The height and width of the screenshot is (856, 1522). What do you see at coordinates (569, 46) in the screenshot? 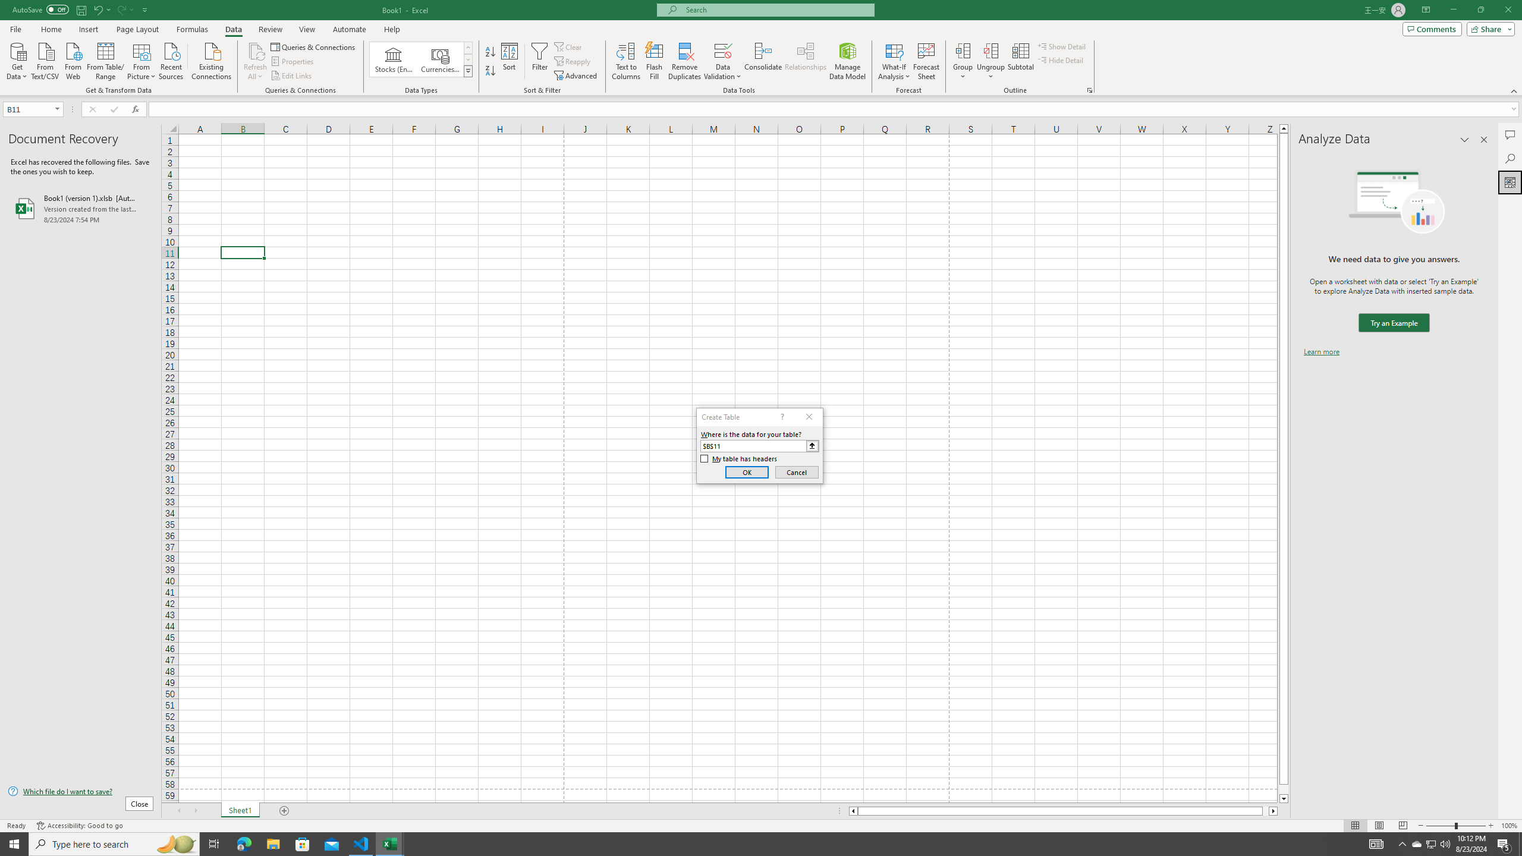
I see `'Clear'` at bounding box center [569, 46].